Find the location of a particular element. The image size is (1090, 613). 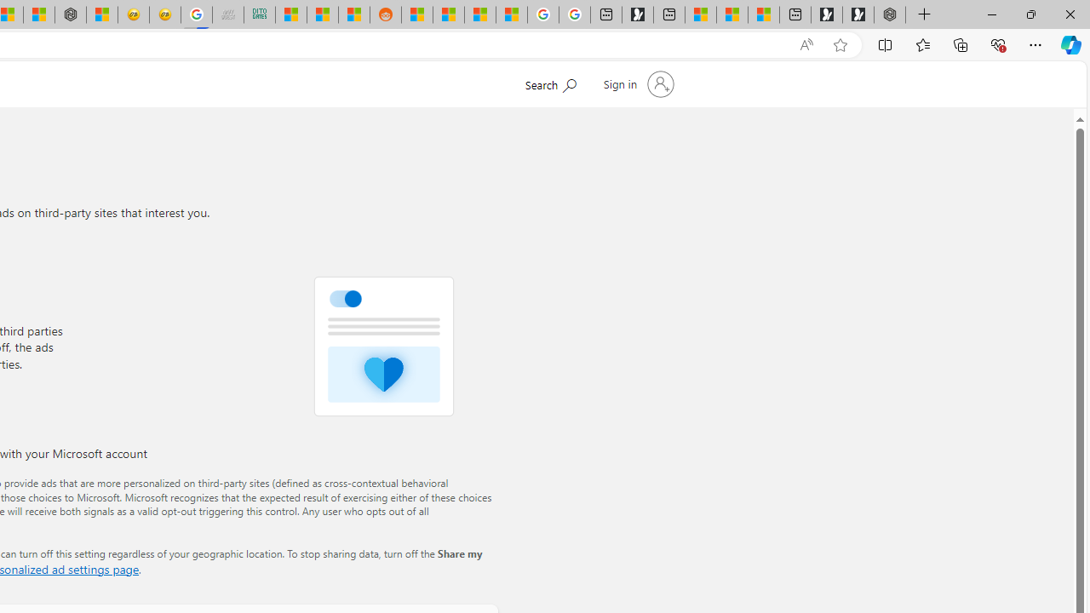

'Search Microsoft.com' is located at coordinates (550, 83).